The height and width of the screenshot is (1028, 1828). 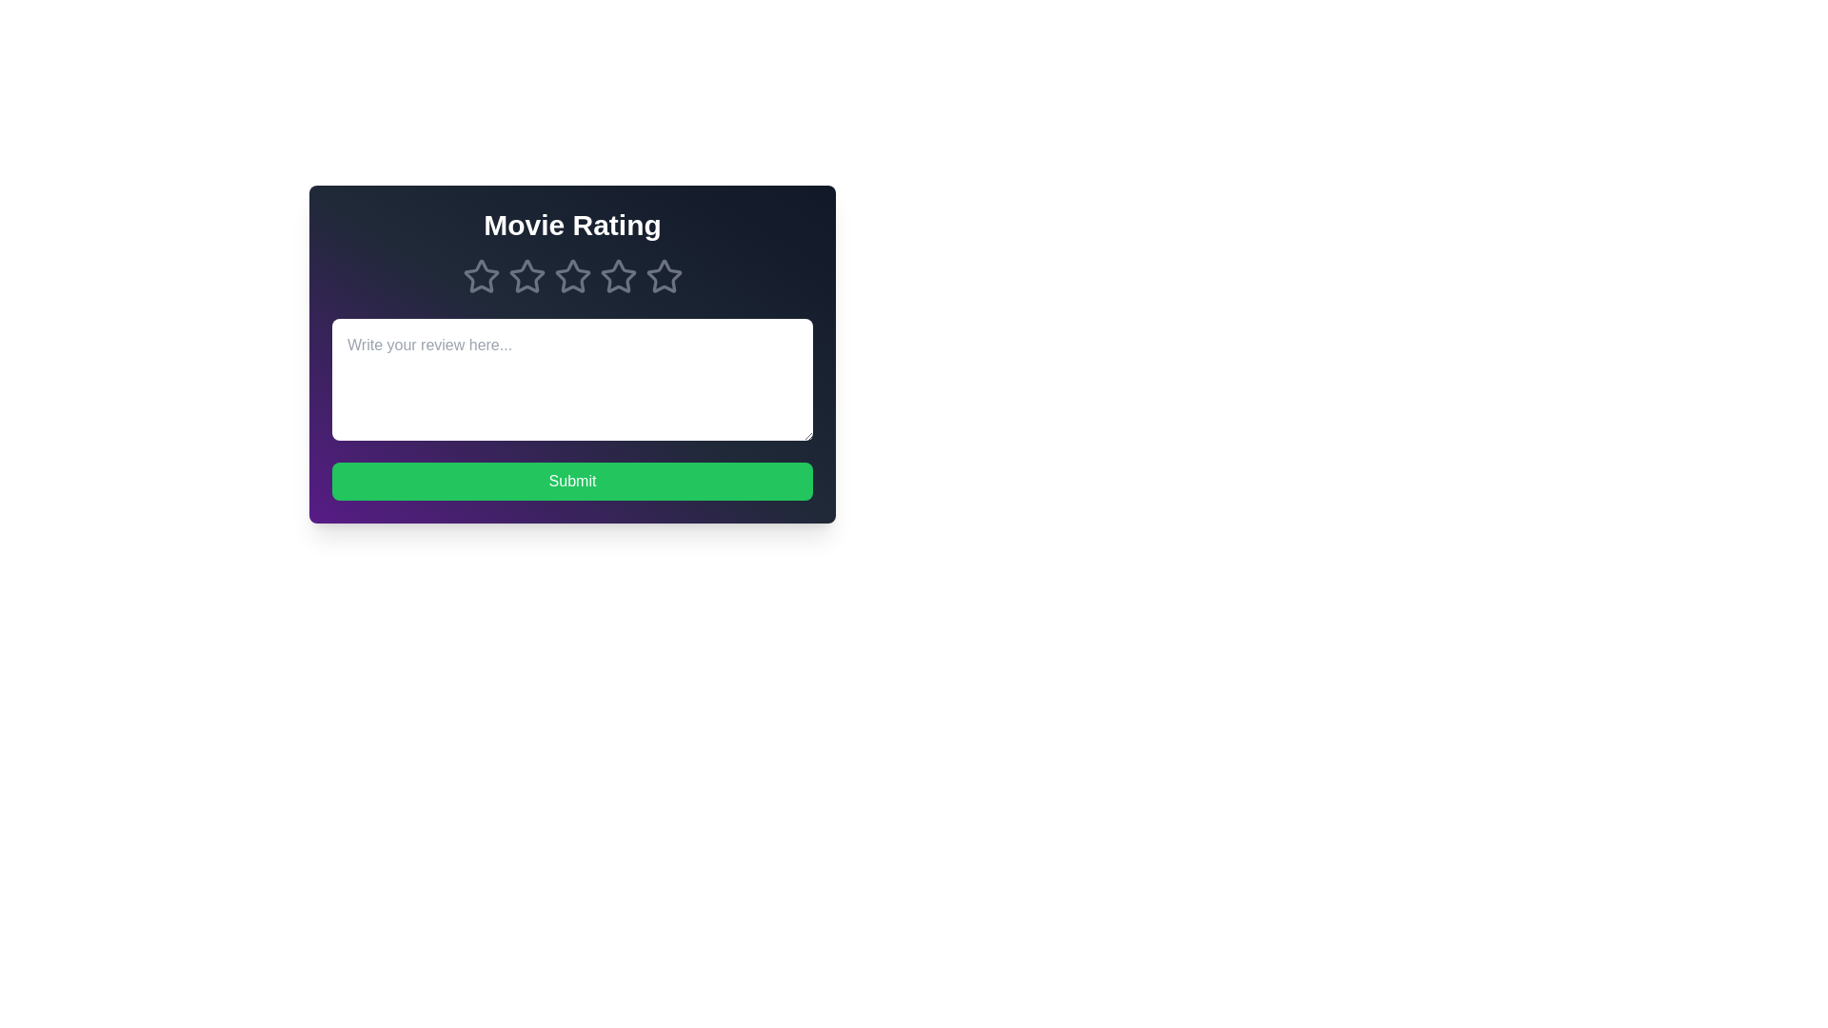 I want to click on the movie rating to 1 stars by clicking on the respective star, so click(x=481, y=276).